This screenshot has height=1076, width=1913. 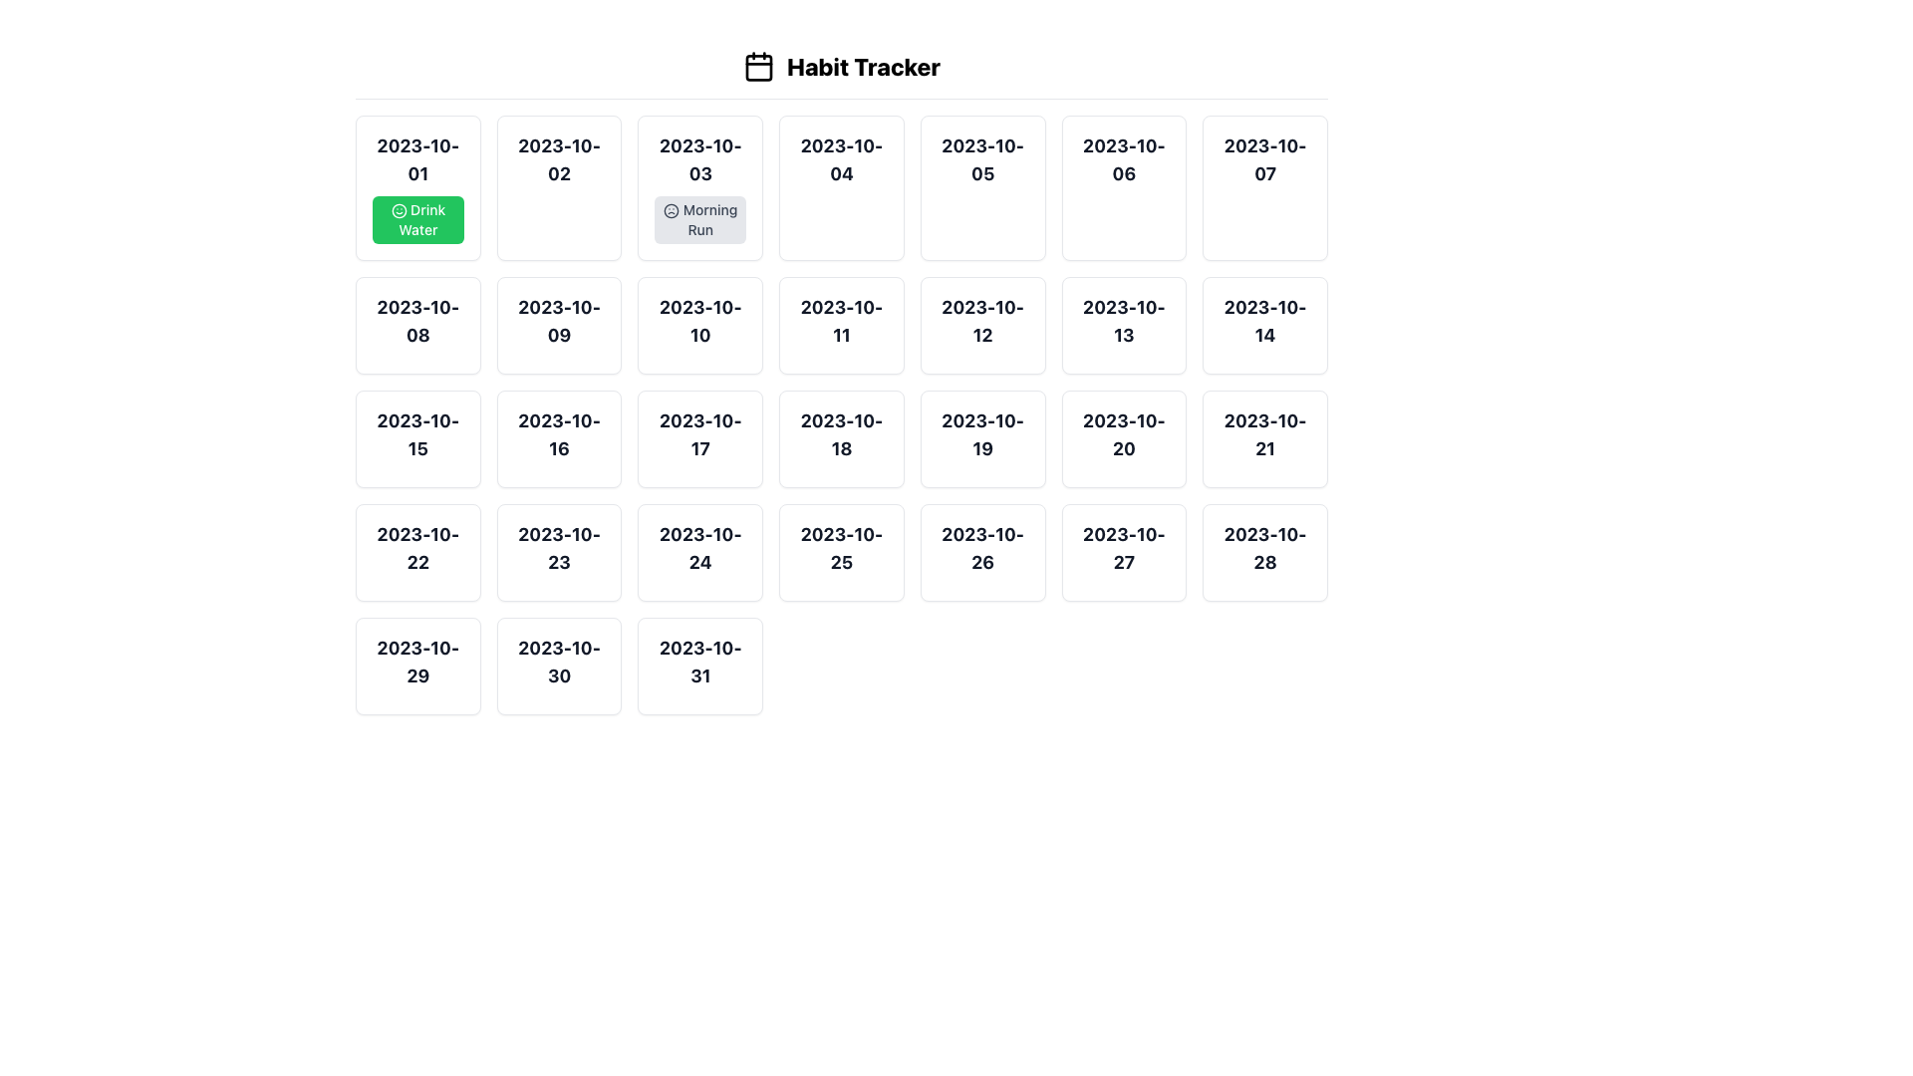 I want to click on the calendar date button located in the habit tracker interface, which is positioned between the dates '2023-10-15' and '2023-10-17', so click(x=558, y=437).